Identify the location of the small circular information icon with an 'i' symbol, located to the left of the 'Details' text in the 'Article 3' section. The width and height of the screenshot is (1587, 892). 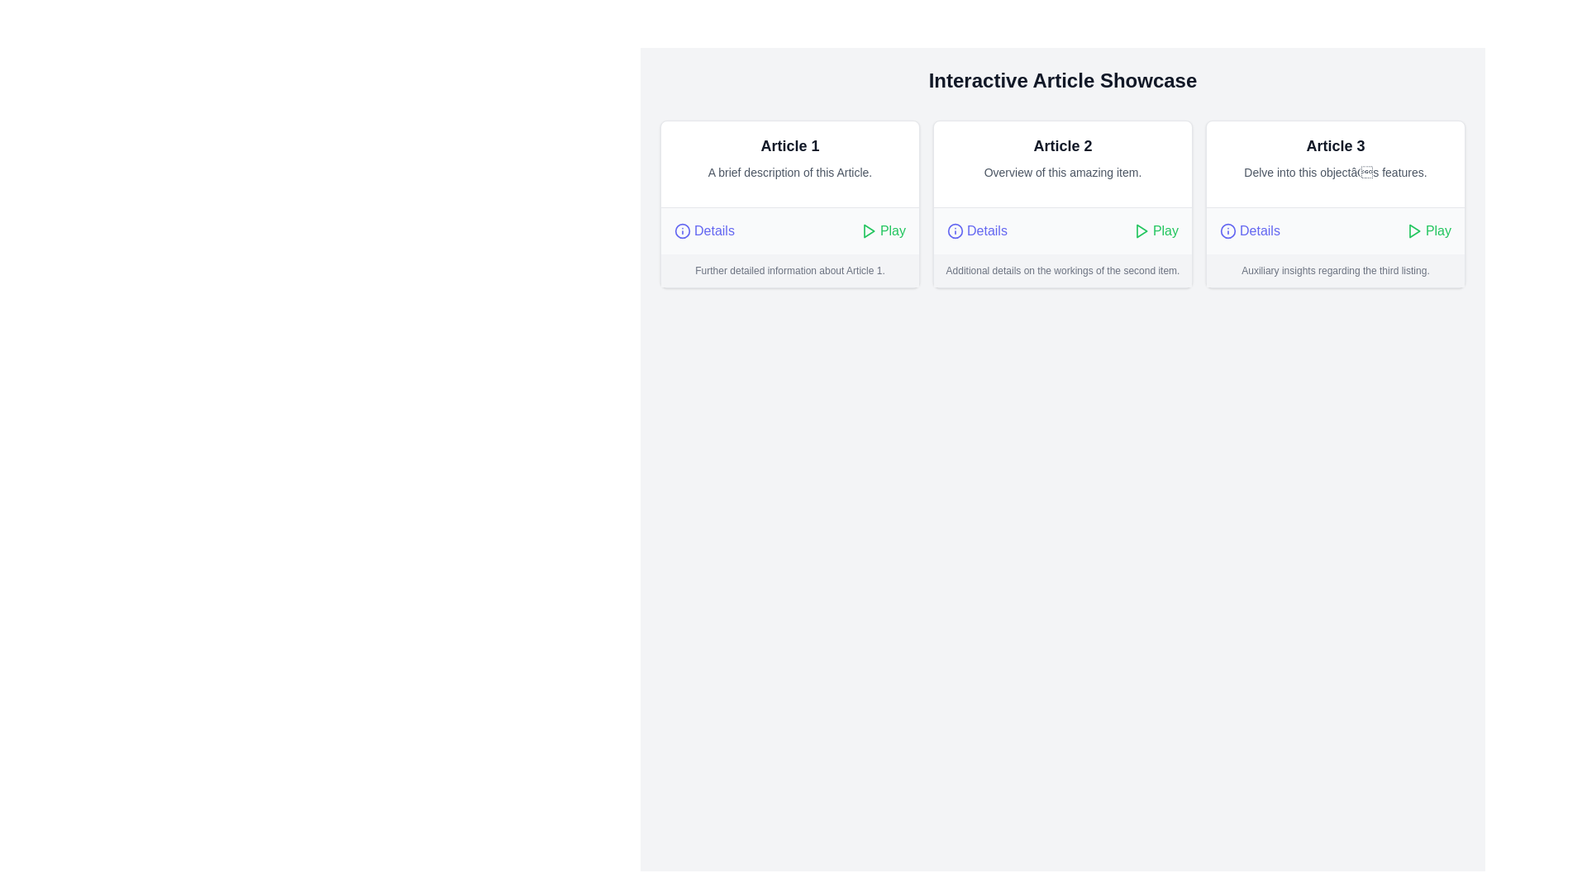
(1228, 231).